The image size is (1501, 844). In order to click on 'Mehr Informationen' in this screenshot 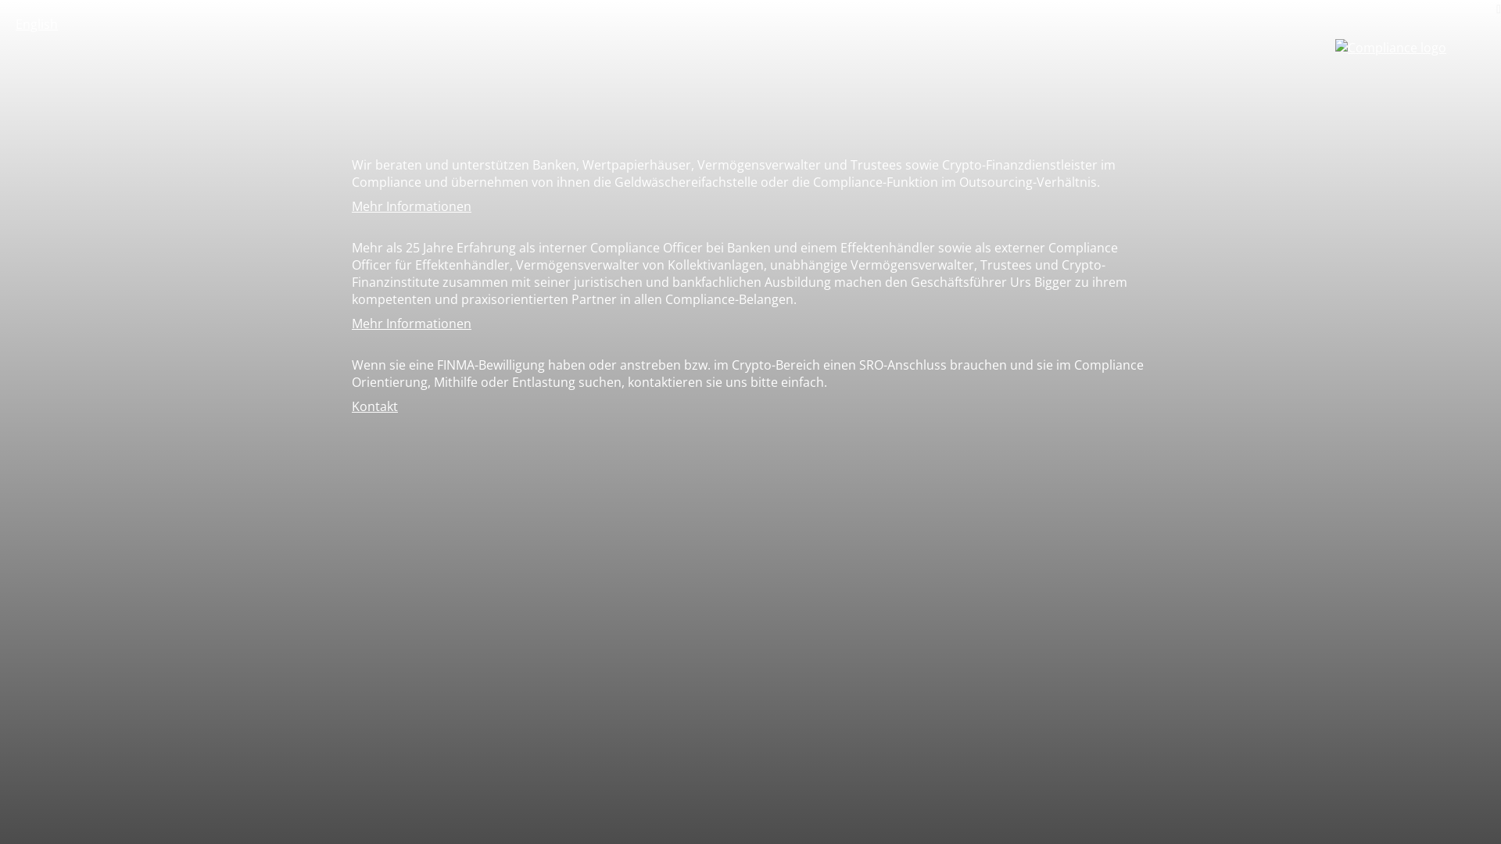, I will do `click(411, 205)`.